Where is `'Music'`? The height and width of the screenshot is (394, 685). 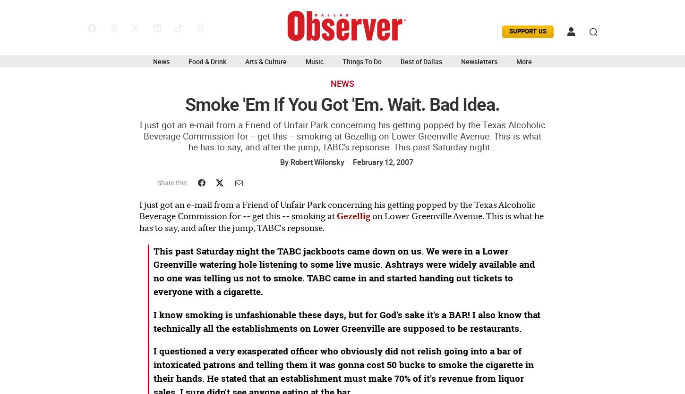 'Music' is located at coordinates (314, 60).